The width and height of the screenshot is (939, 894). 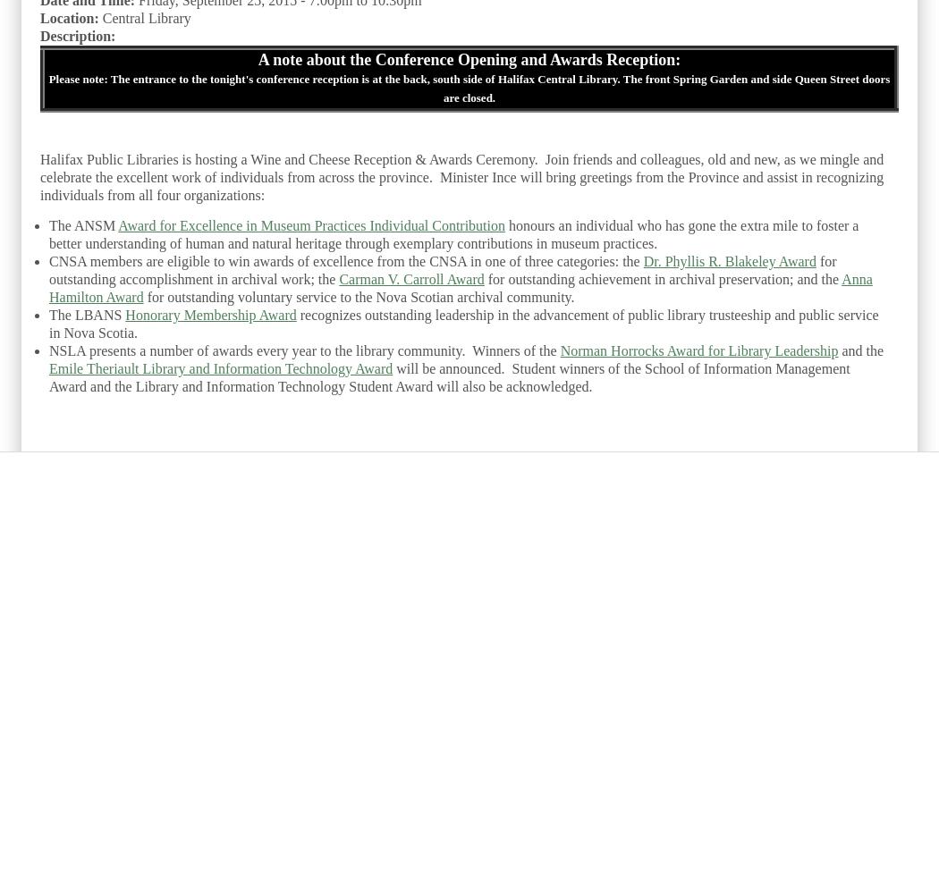 I want to click on 'The ANSM', so click(x=83, y=224).